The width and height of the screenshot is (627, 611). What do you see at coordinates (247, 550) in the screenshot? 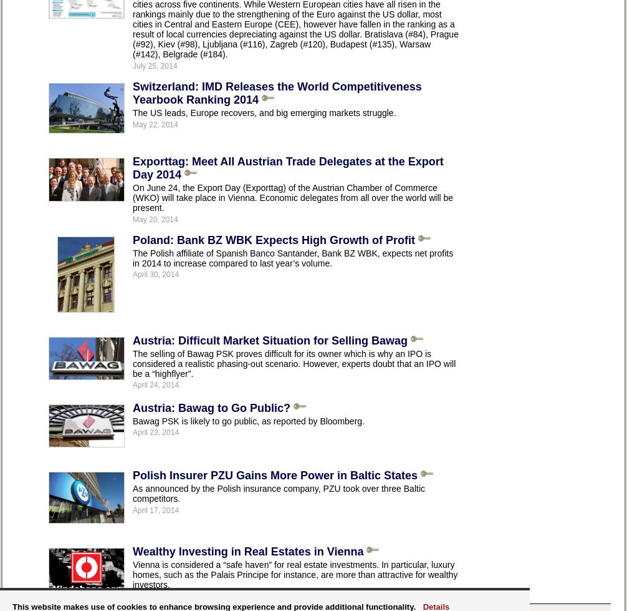
I see `'Wealthy Investing in Real Estates in Vienna'` at bounding box center [247, 550].